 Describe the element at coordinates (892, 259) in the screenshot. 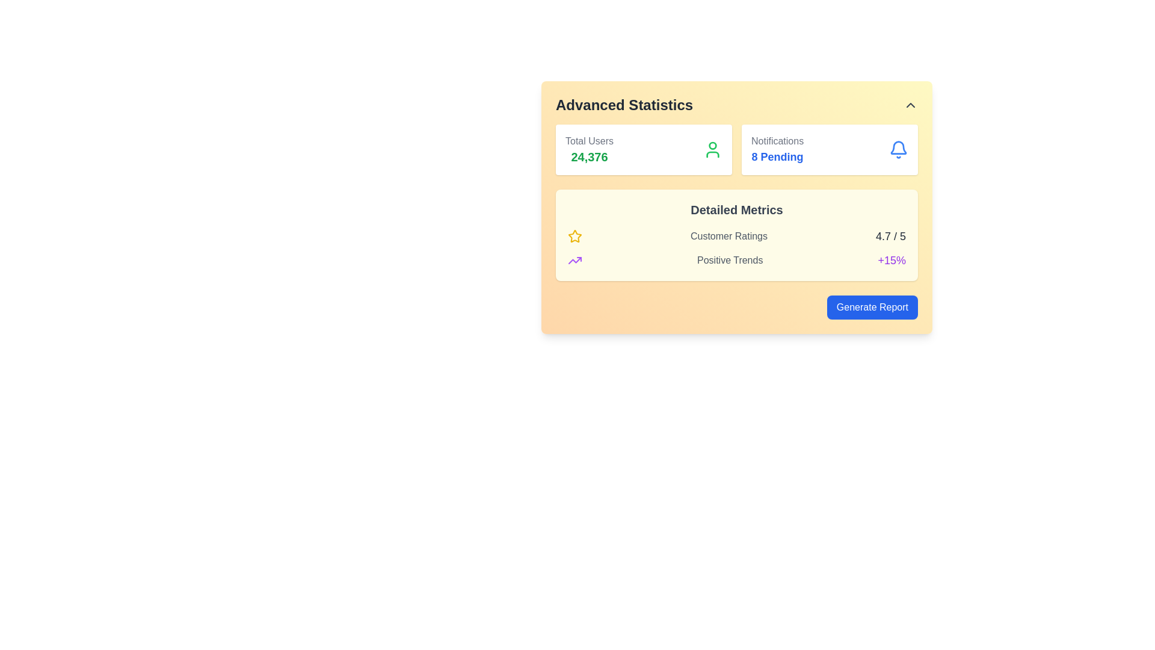

I see `the text label displaying '+15%' in bold purple font, located in the 'Detailed Metrics' section to the right of 'Positive Trends'` at that location.